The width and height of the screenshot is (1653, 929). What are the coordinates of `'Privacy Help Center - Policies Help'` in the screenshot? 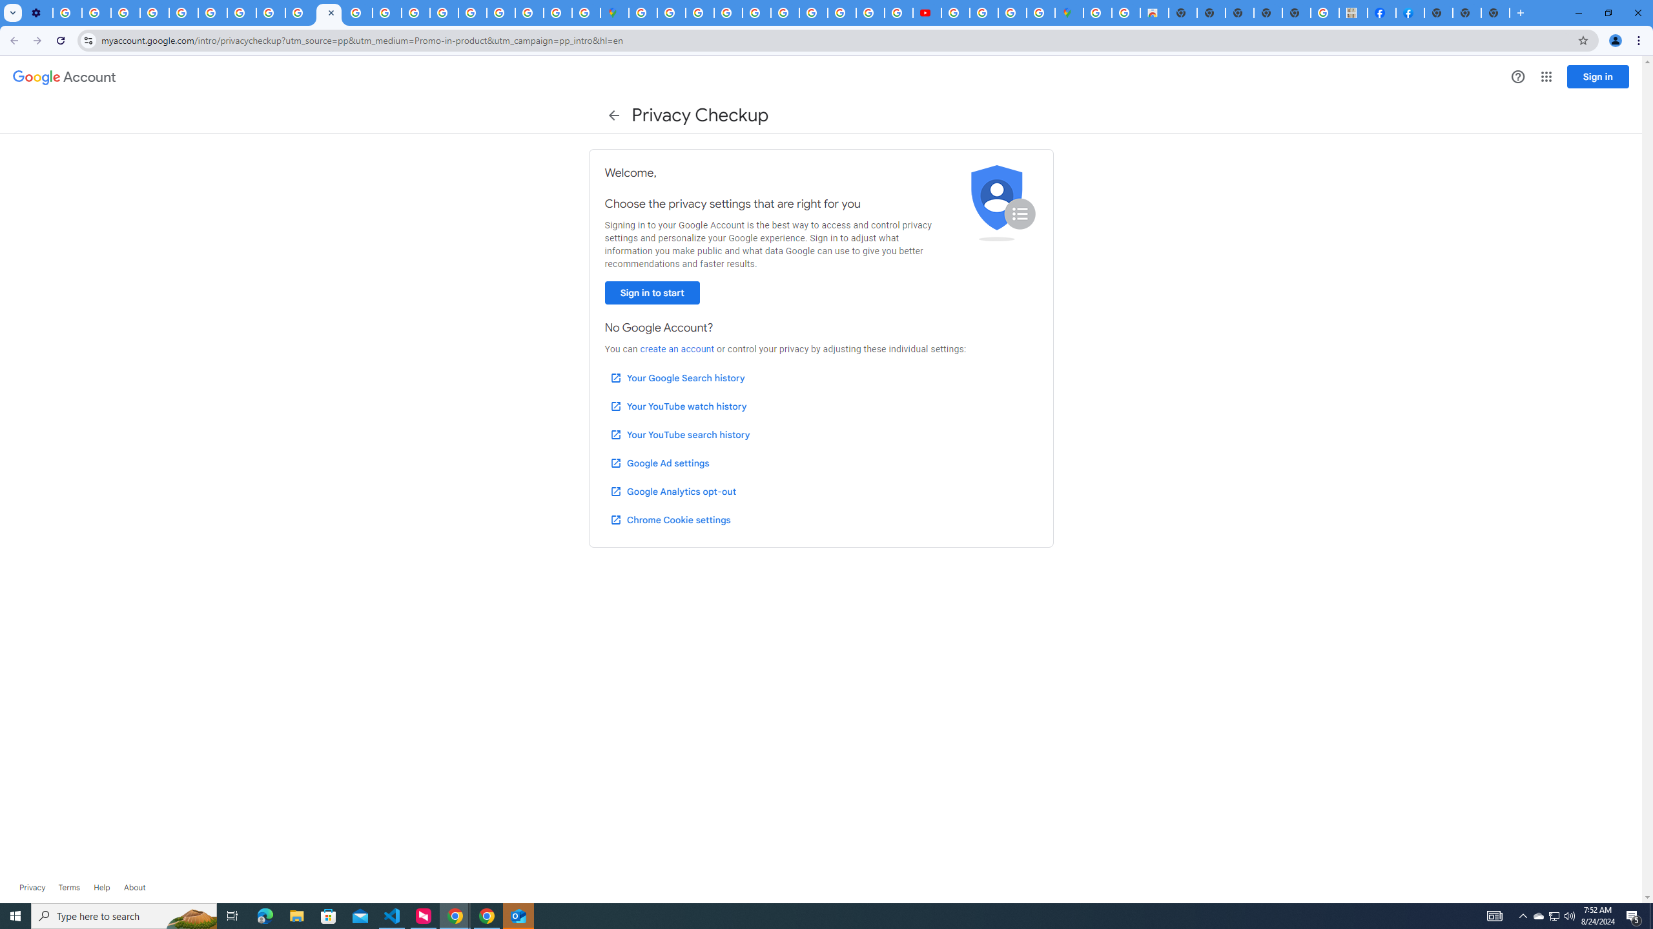 It's located at (183, 12).